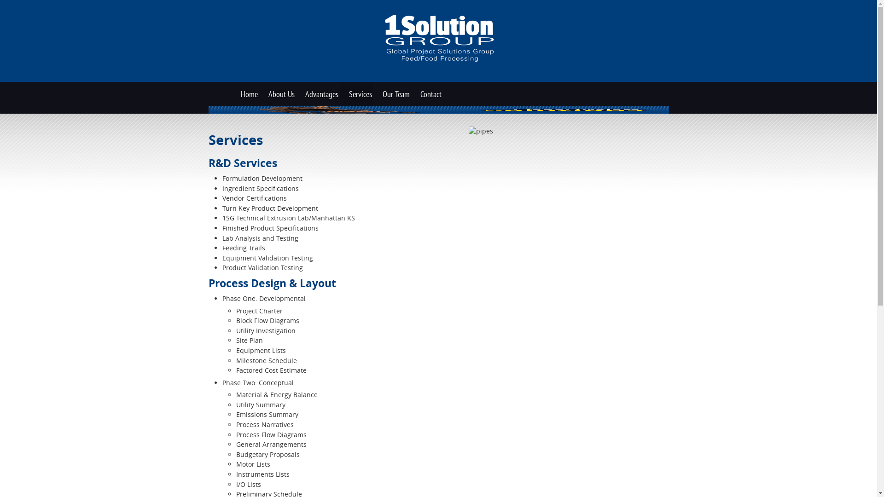 The height and width of the screenshot is (497, 884). Describe the element at coordinates (276, 94) in the screenshot. I see `'About Us'` at that location.